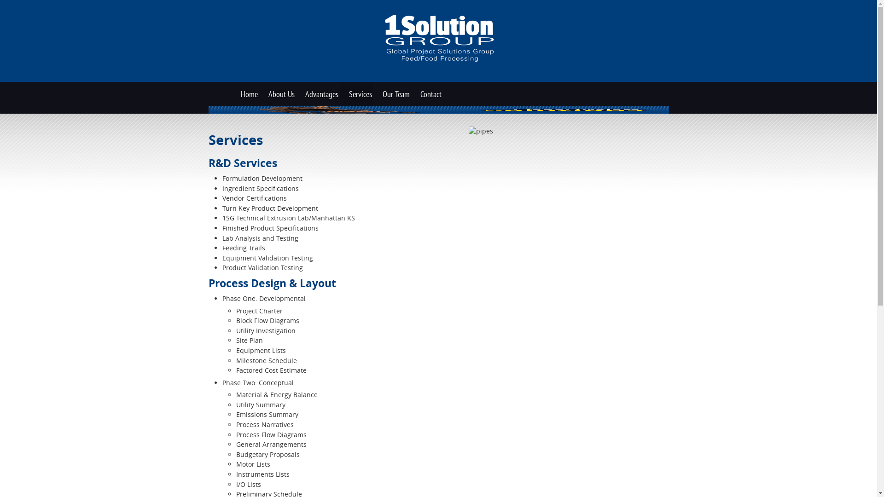 The height and width of the screenshot is (497, 884). Describe the element at coordinates (276, 94) in the screenshot. I see `'About Us'` at that location.